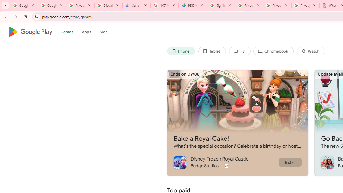  I want to click on 'TV', so click(239, 51).